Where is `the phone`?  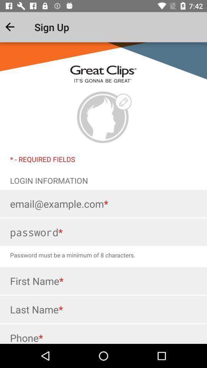
the phone is located at coordinates (103, 333).